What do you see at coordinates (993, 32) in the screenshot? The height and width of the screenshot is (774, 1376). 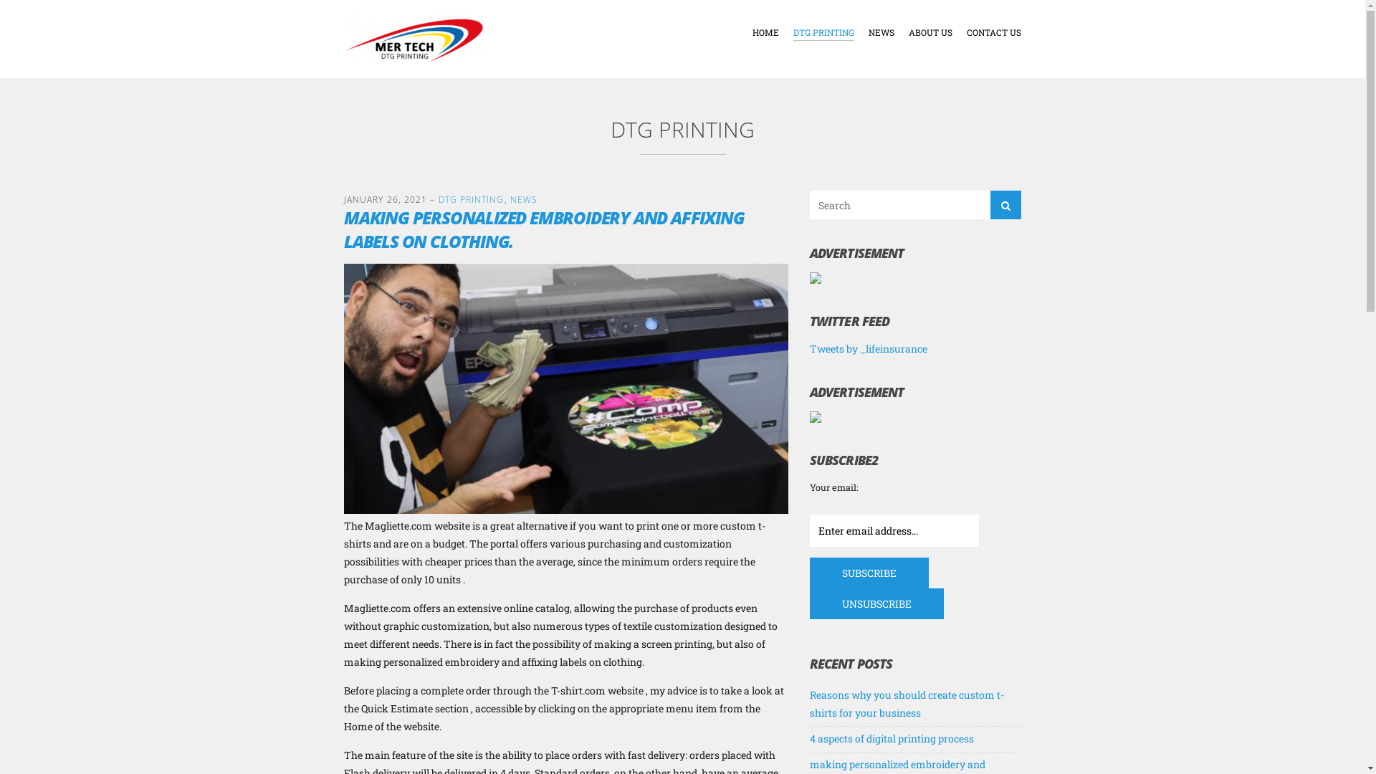 I see `'CONTACT US'` at bounding box center [993, 32].